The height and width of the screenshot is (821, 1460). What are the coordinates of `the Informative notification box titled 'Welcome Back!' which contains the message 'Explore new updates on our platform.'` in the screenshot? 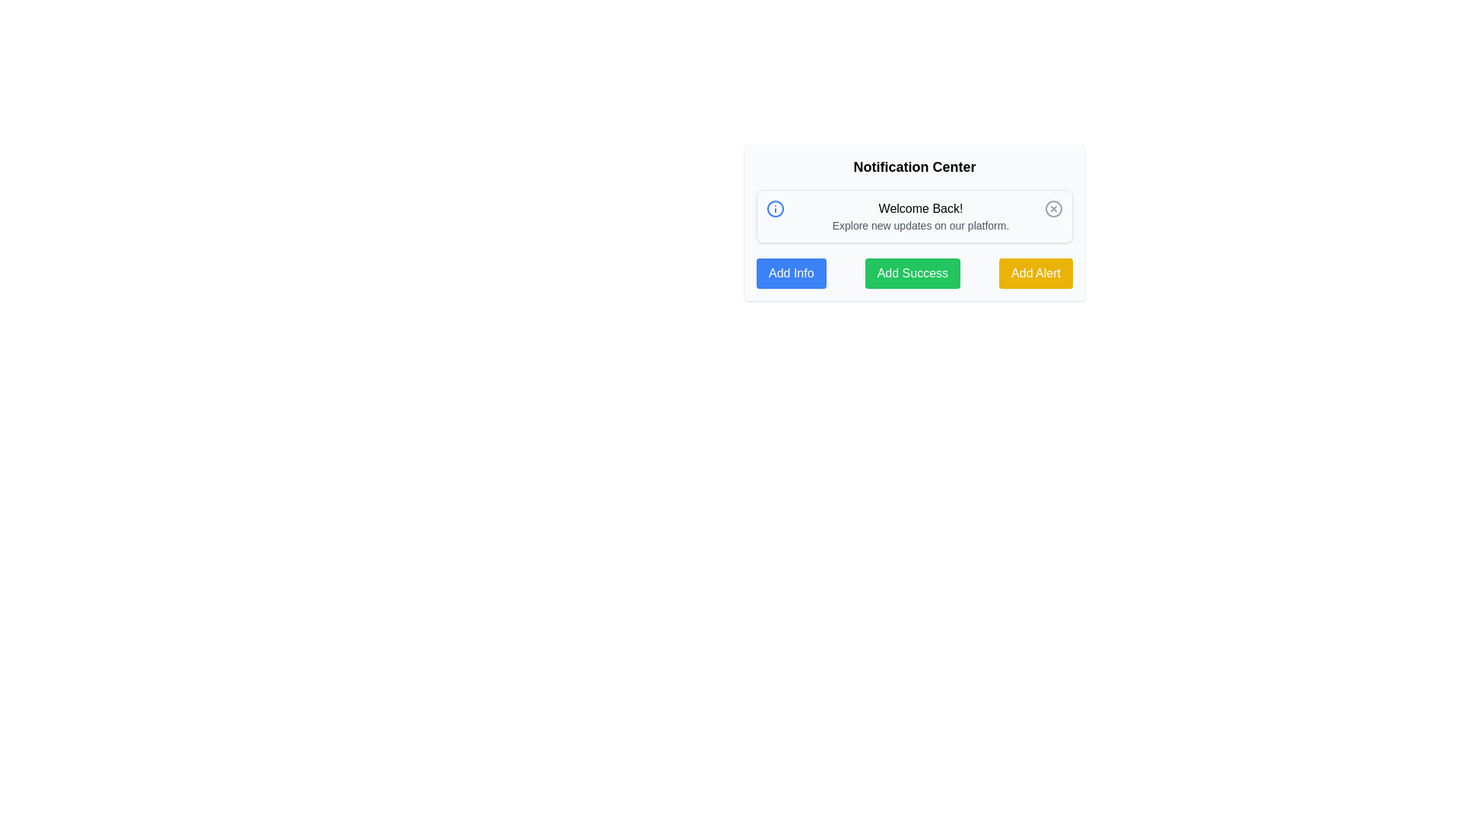 It's located at (914, 217).